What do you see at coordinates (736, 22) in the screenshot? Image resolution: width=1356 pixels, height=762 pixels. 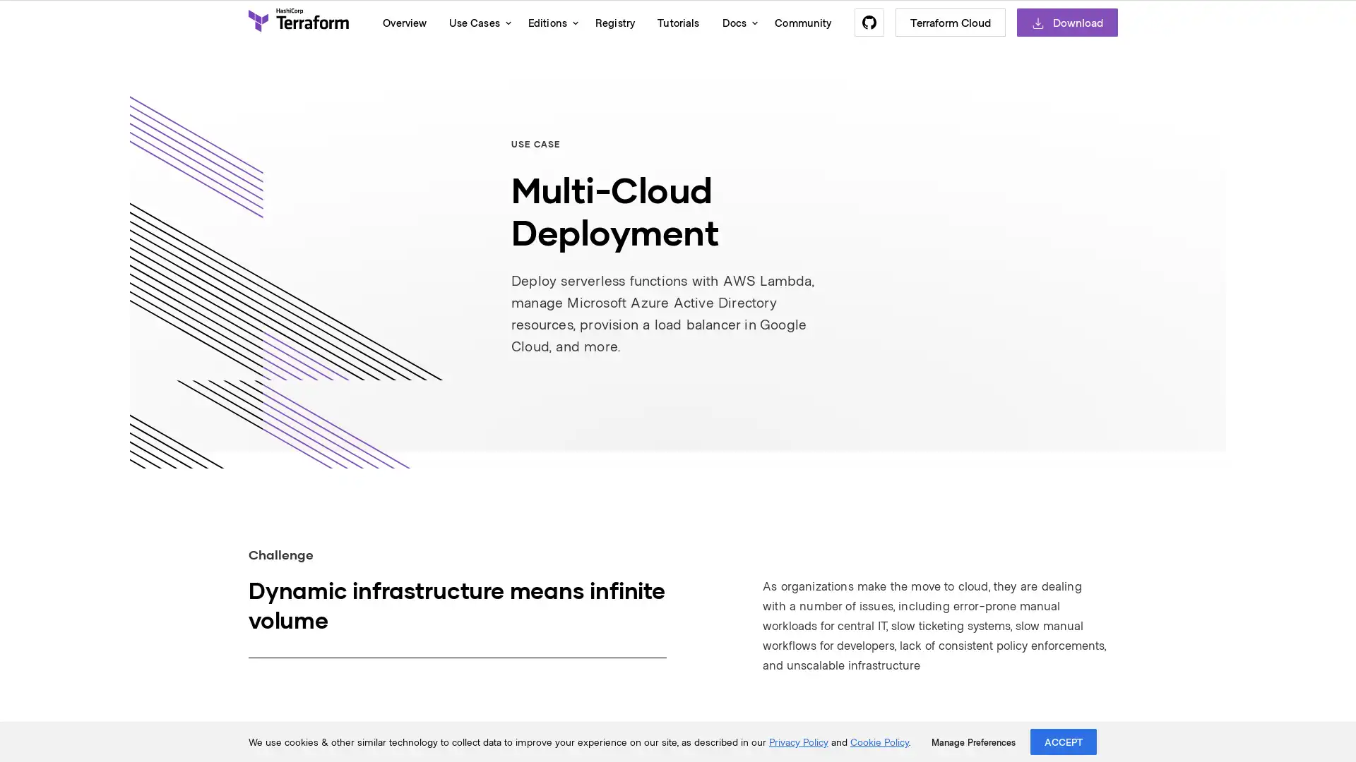 I see `Docs` at bounding box center [736, 22].